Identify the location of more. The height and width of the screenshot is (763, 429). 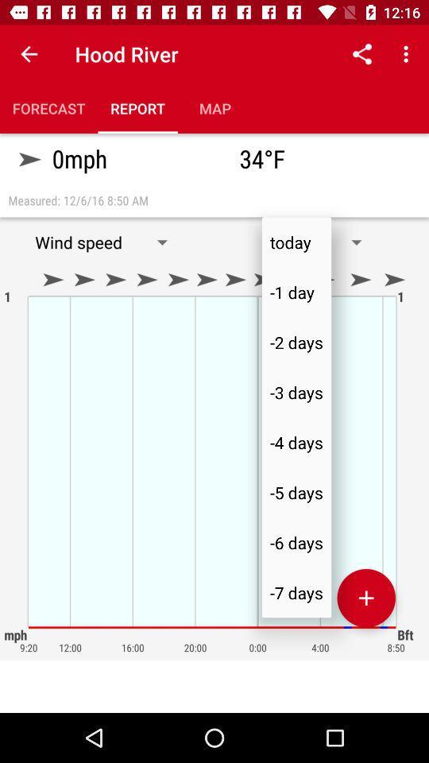
(366, 597).